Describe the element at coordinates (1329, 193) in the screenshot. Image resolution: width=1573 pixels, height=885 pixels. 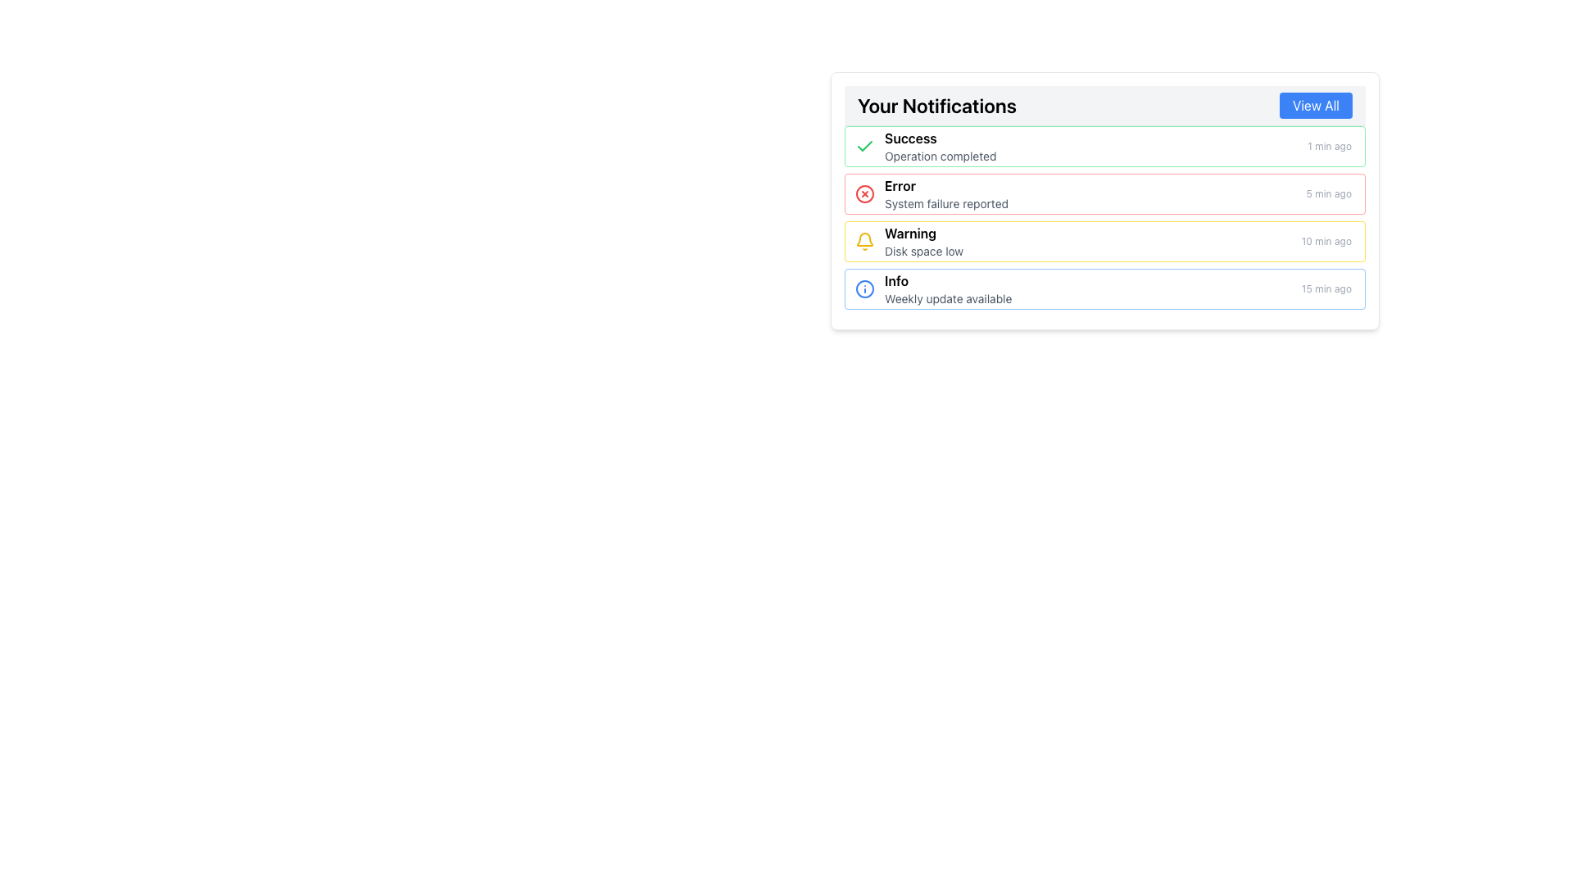
I see `the Text Label that indicates the time duration since the notification was created, which is positioned to the far-right of the notification line containing 'error' and 'System failure reported'` at that location.